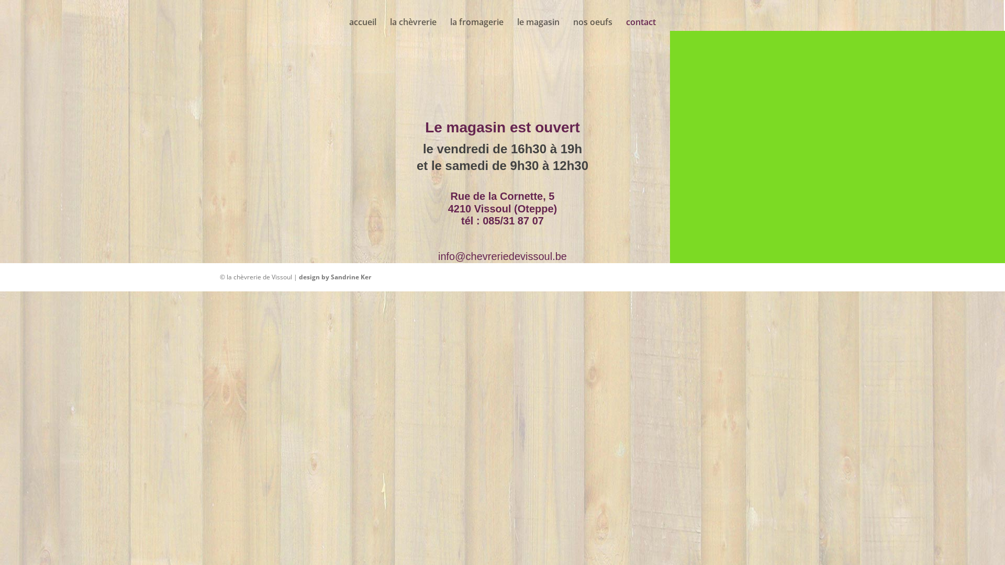  I want to click on 'contact', so click(640, 24).